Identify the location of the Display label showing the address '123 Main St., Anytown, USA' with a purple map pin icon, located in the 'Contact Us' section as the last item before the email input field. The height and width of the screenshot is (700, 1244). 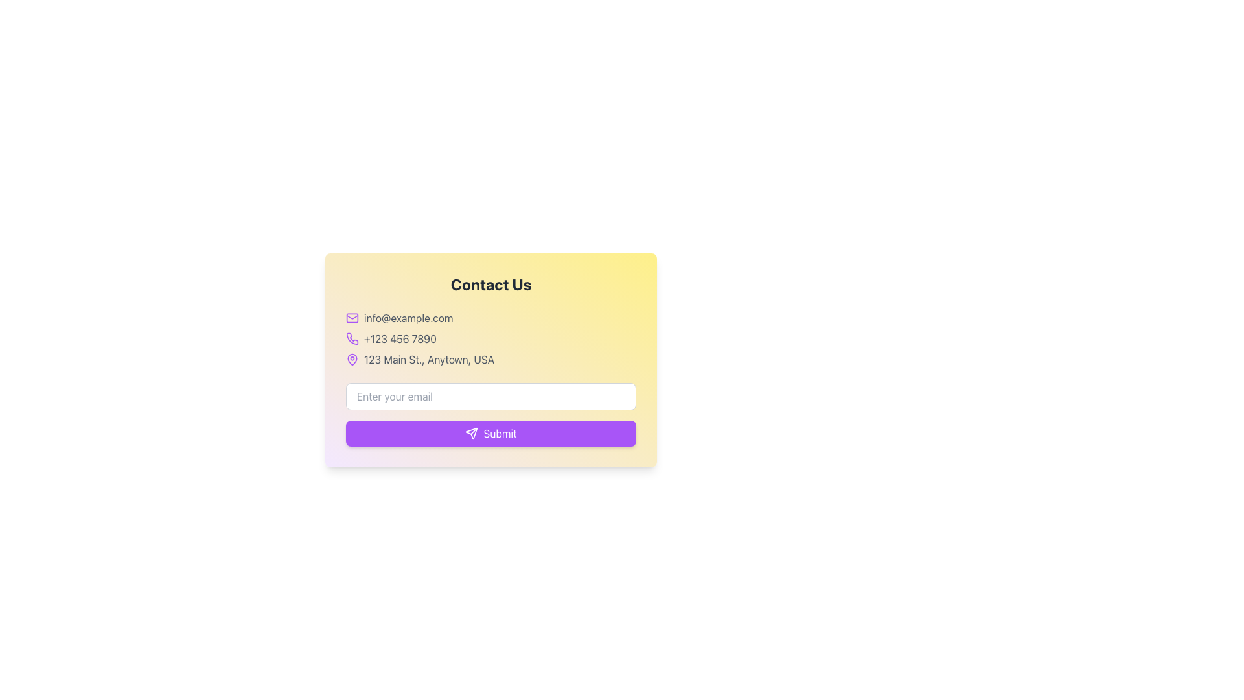
(490, 360).